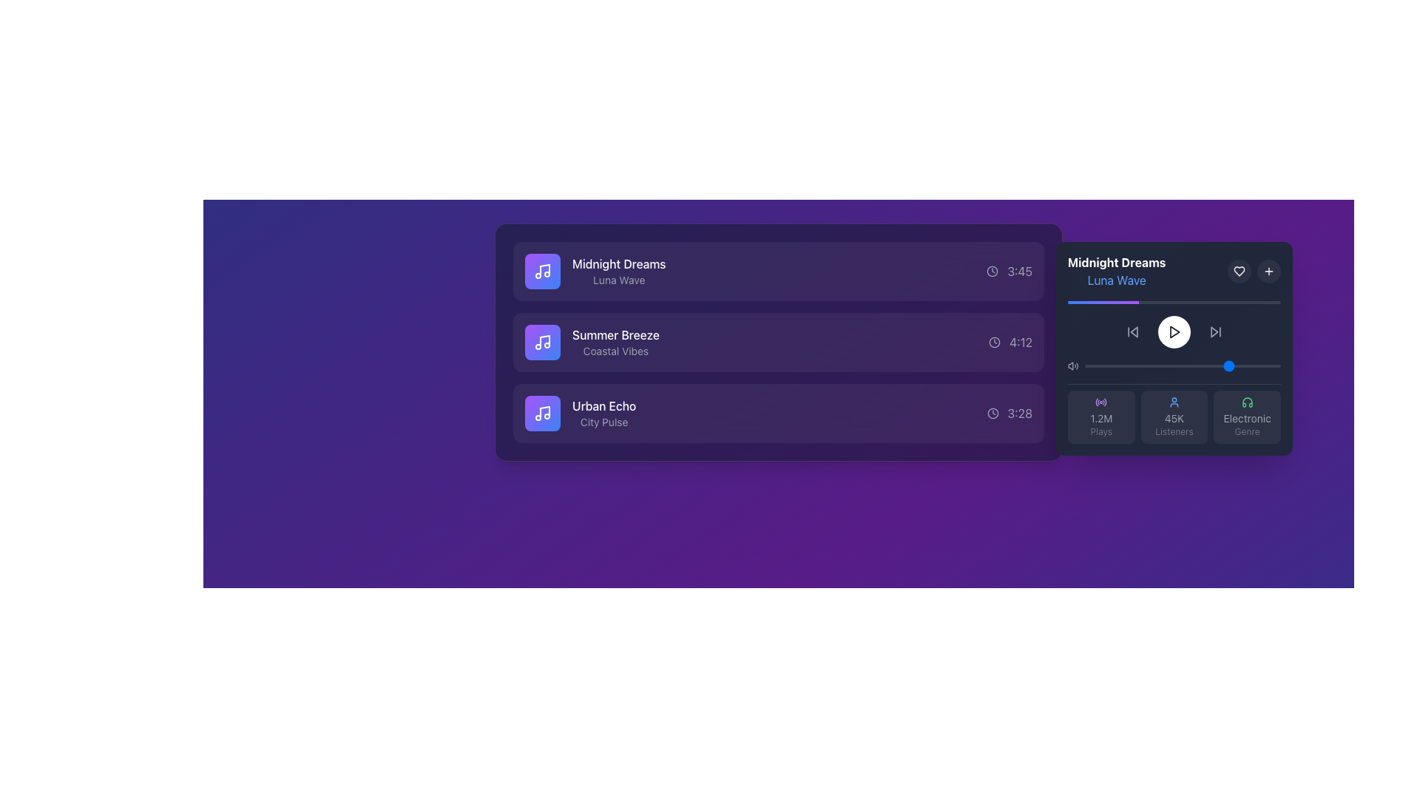 This screenshot has height=799, width=1420. I want to click on the skip-forward button located on the right side of the player control panel, adjacent to the play button, to allow for keyboard interaction, so click(1215, 331).